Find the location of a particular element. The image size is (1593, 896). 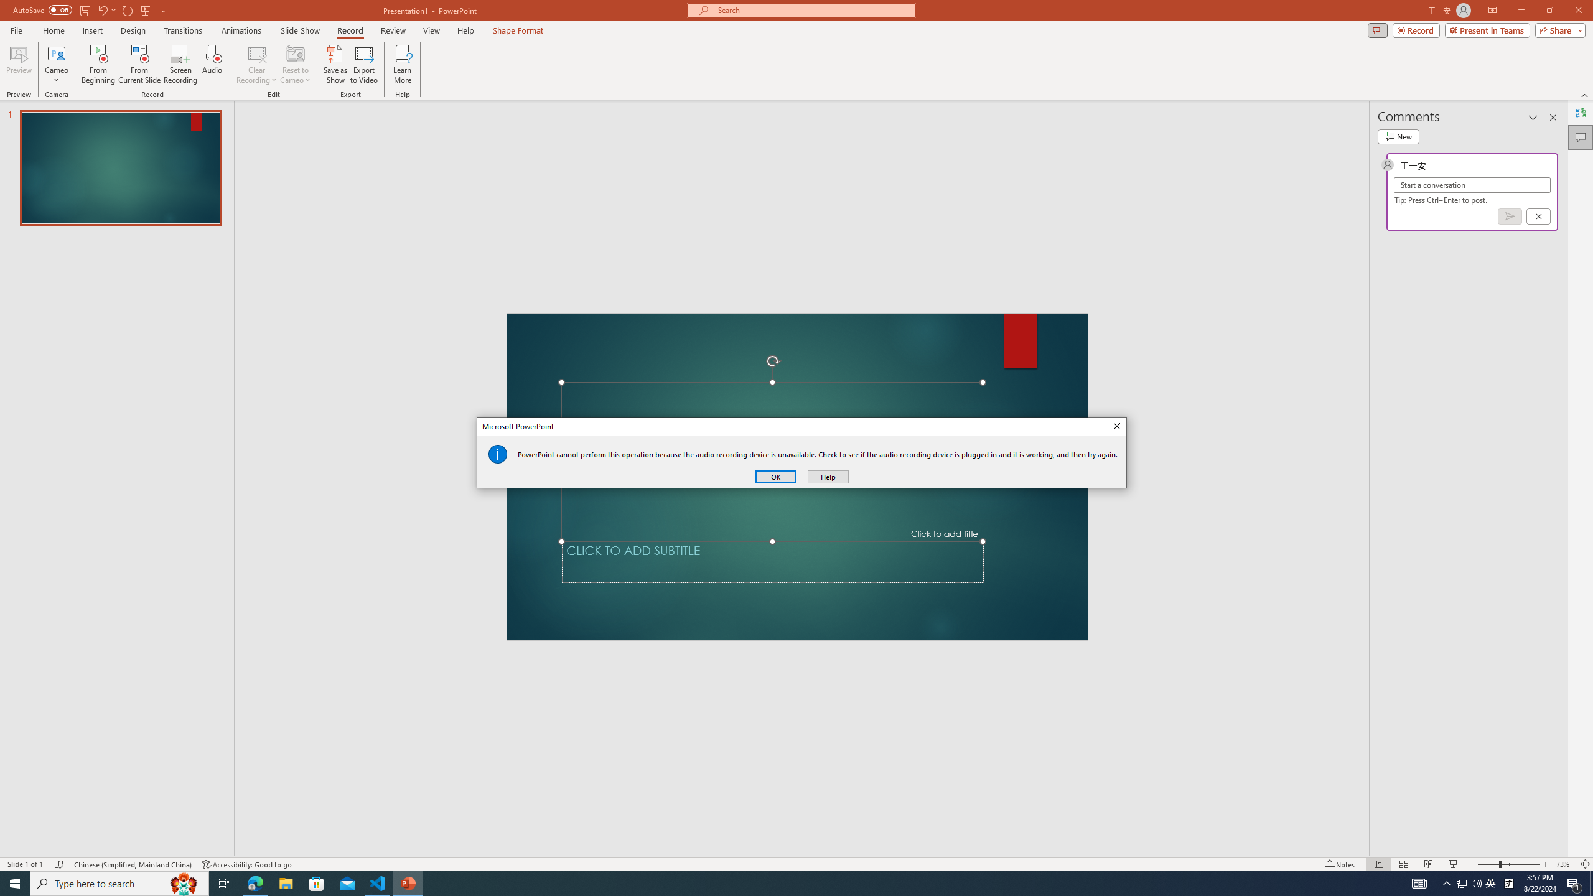

'Tray Input Indicator - Chinese (Simplified, China)' is located at coordinates (1508, 882).